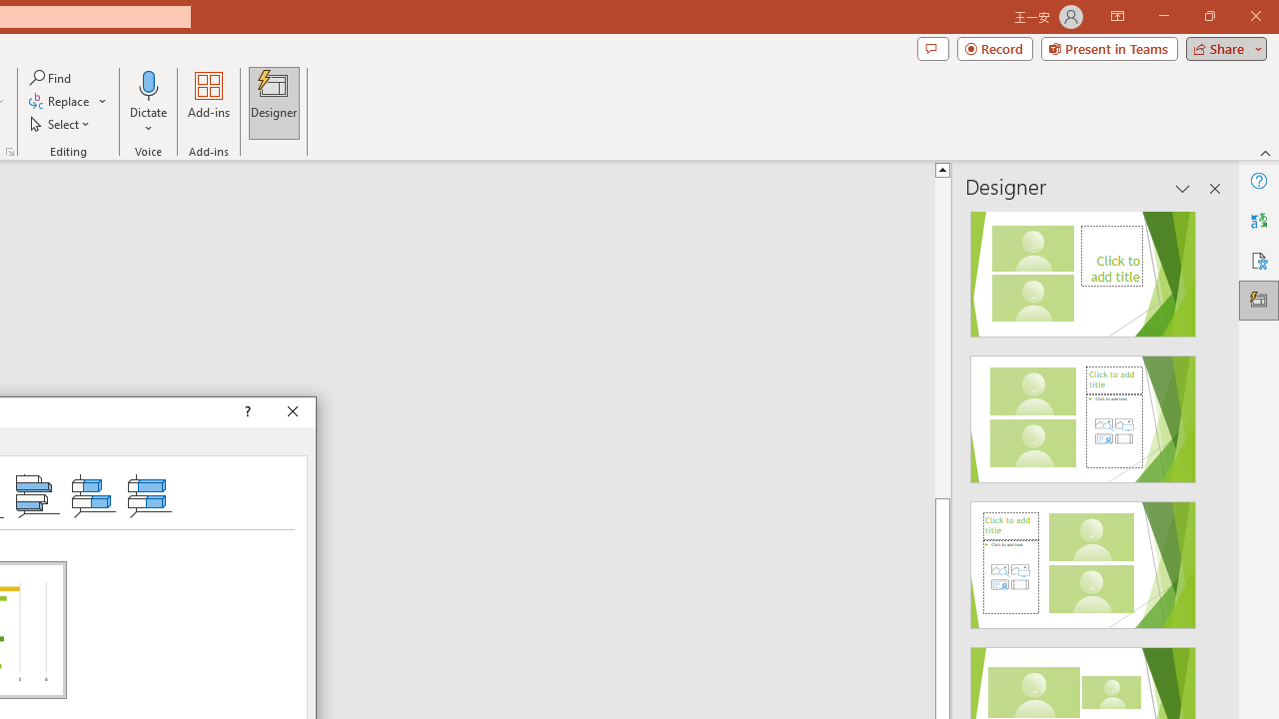 The width and height of the screenshot is (1279, 719). Describe the element at coordinates (51, 77) in the screenshot. I see `'Find...'` at that location.